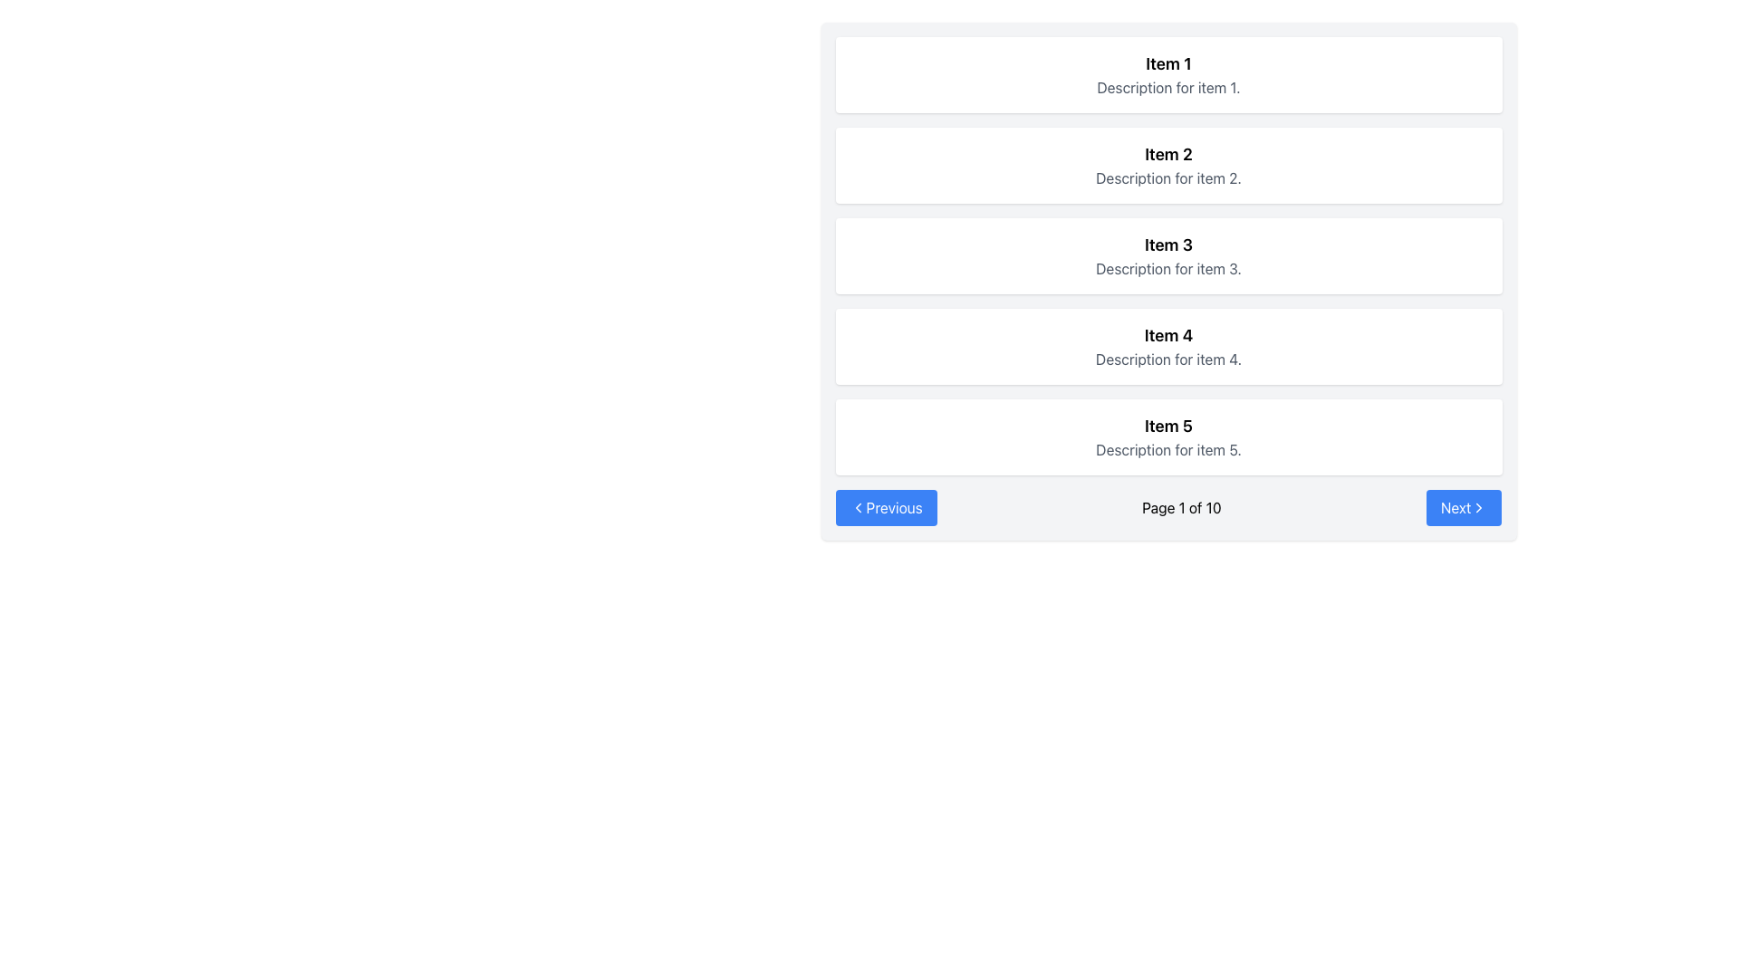  I want to click on the first Card element in the vertical grid, which has a white background and contains the title 'Item 1' and a description 'Description for item 1.', so click(1168, 74).